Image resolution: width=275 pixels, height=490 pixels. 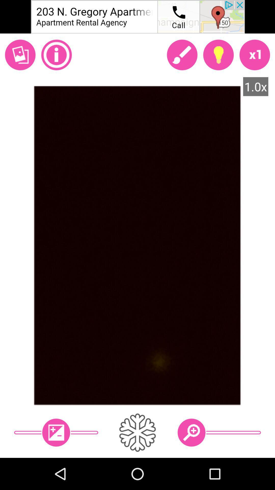 I want to click on advertised company, so click(x=137, y=17).